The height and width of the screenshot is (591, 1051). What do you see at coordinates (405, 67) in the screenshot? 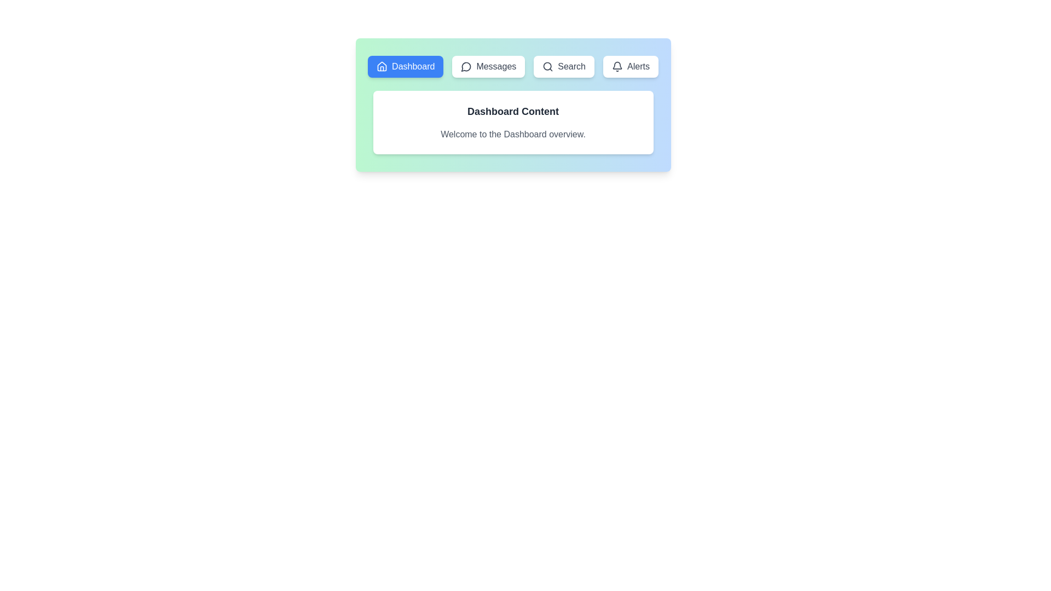
I see `the tab labeled Dashboard` at bounding box center [405, 67].